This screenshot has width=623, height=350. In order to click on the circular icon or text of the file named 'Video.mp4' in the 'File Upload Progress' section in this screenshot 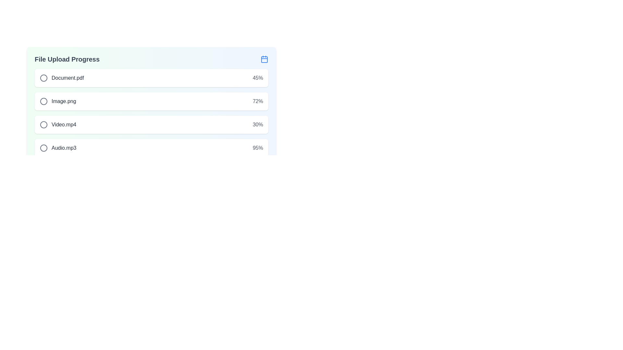, I will do `click(58, 125)`.